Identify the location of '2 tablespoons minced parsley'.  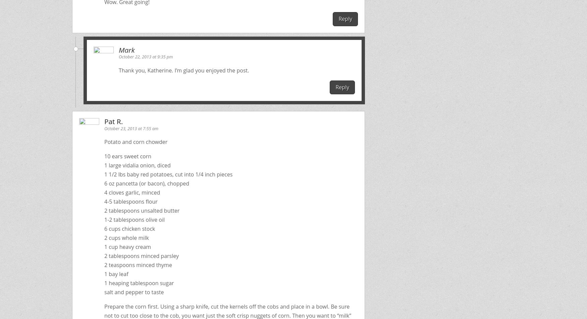
(104, 255).